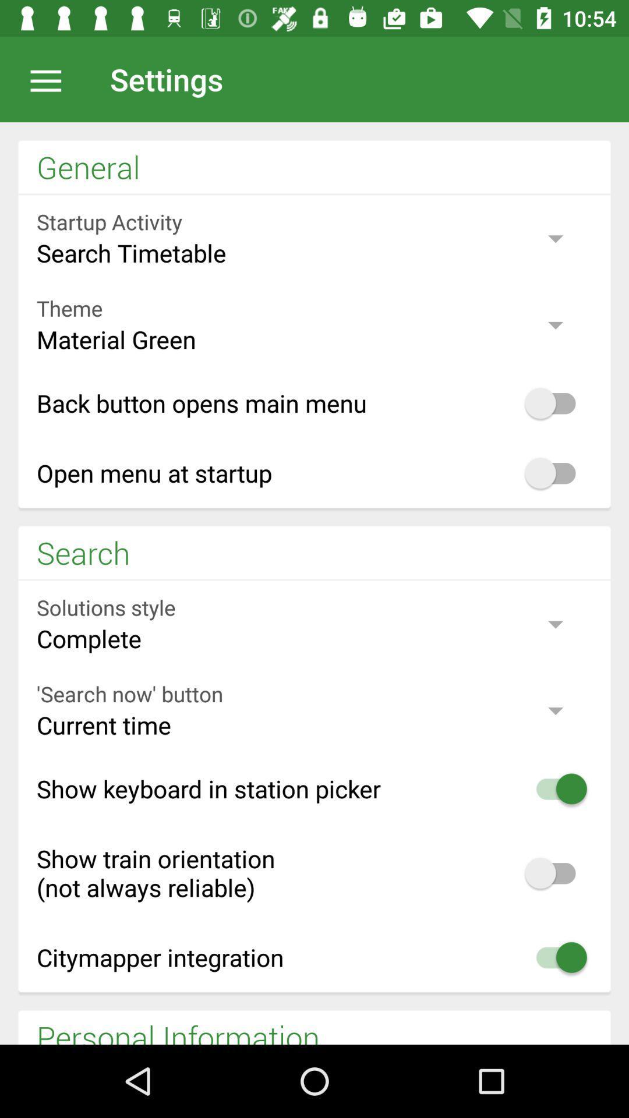 This screenshot has height=1118, width=629. Describe the element at coordinates (51, 79) in the screenshot. I see `click for flyout` at that location.